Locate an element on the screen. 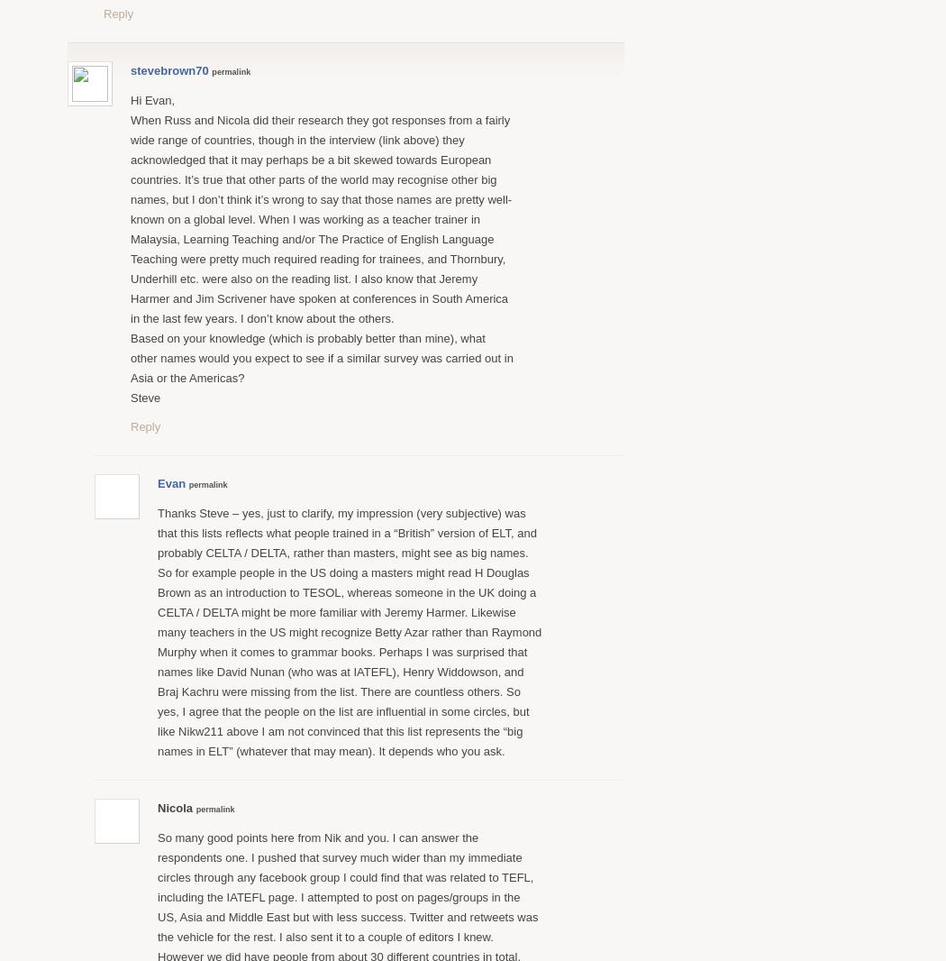  'Nicola' is located at coordinates (158, 807).